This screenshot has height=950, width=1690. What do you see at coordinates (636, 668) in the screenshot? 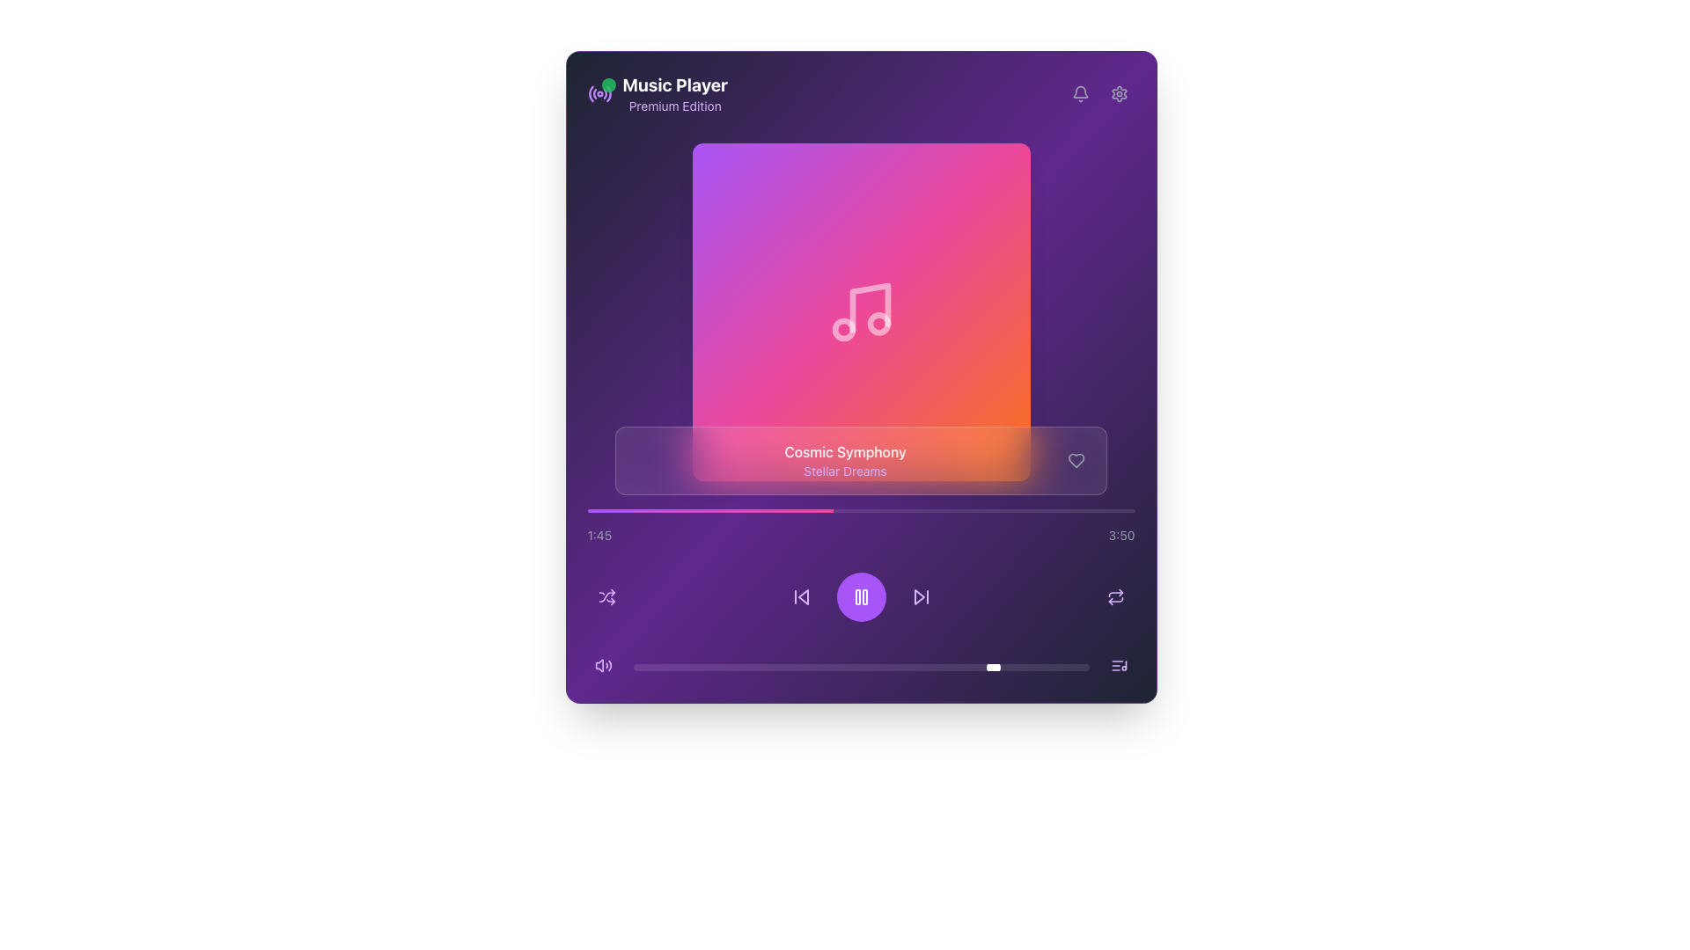
I see `the slider` at bounding box center [636, 668].